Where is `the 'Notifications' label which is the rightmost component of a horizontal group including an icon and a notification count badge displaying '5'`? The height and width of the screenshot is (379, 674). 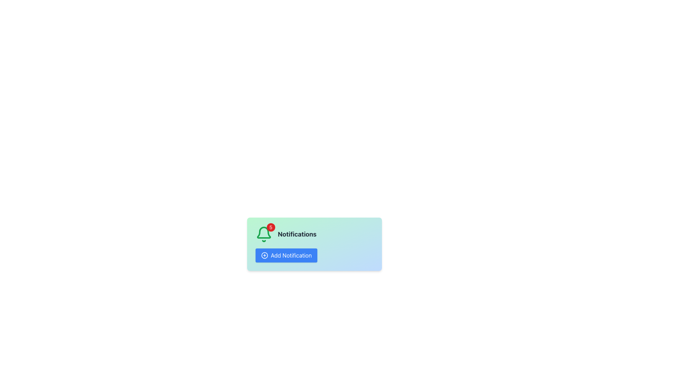
the 'Notifications' label which is the rightmost component of a horizontal group including an icon and a notification count badge displaying '5' is located at coordinates (297, 234).